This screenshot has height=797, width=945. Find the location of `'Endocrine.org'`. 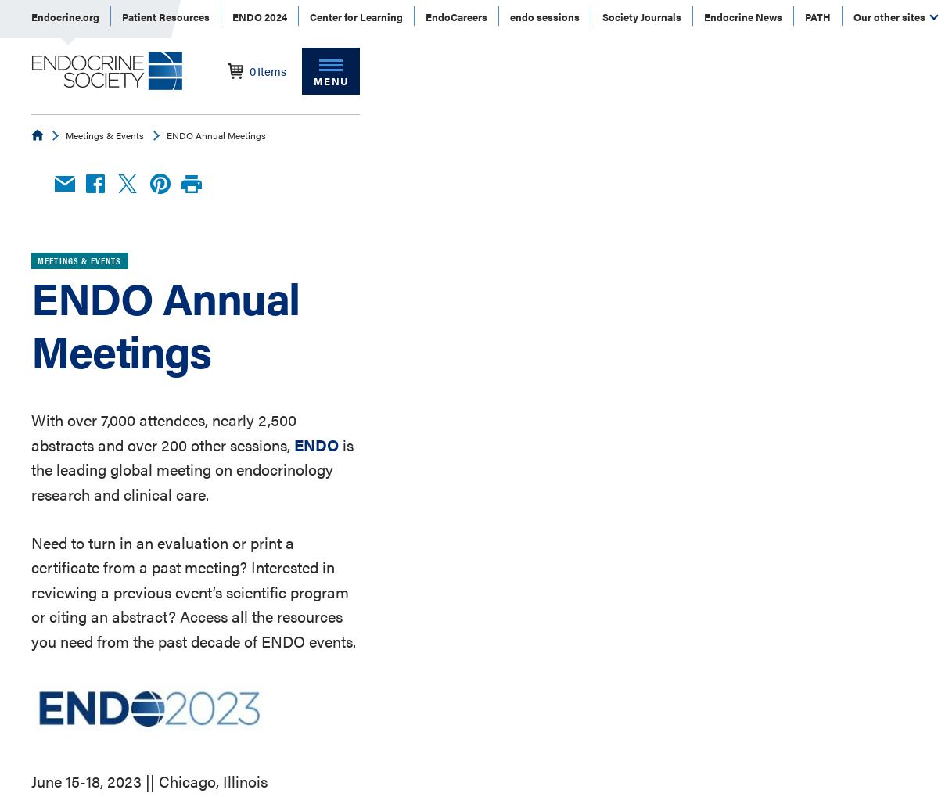

'Endocrine.org' is located at coordinates (64, 16).